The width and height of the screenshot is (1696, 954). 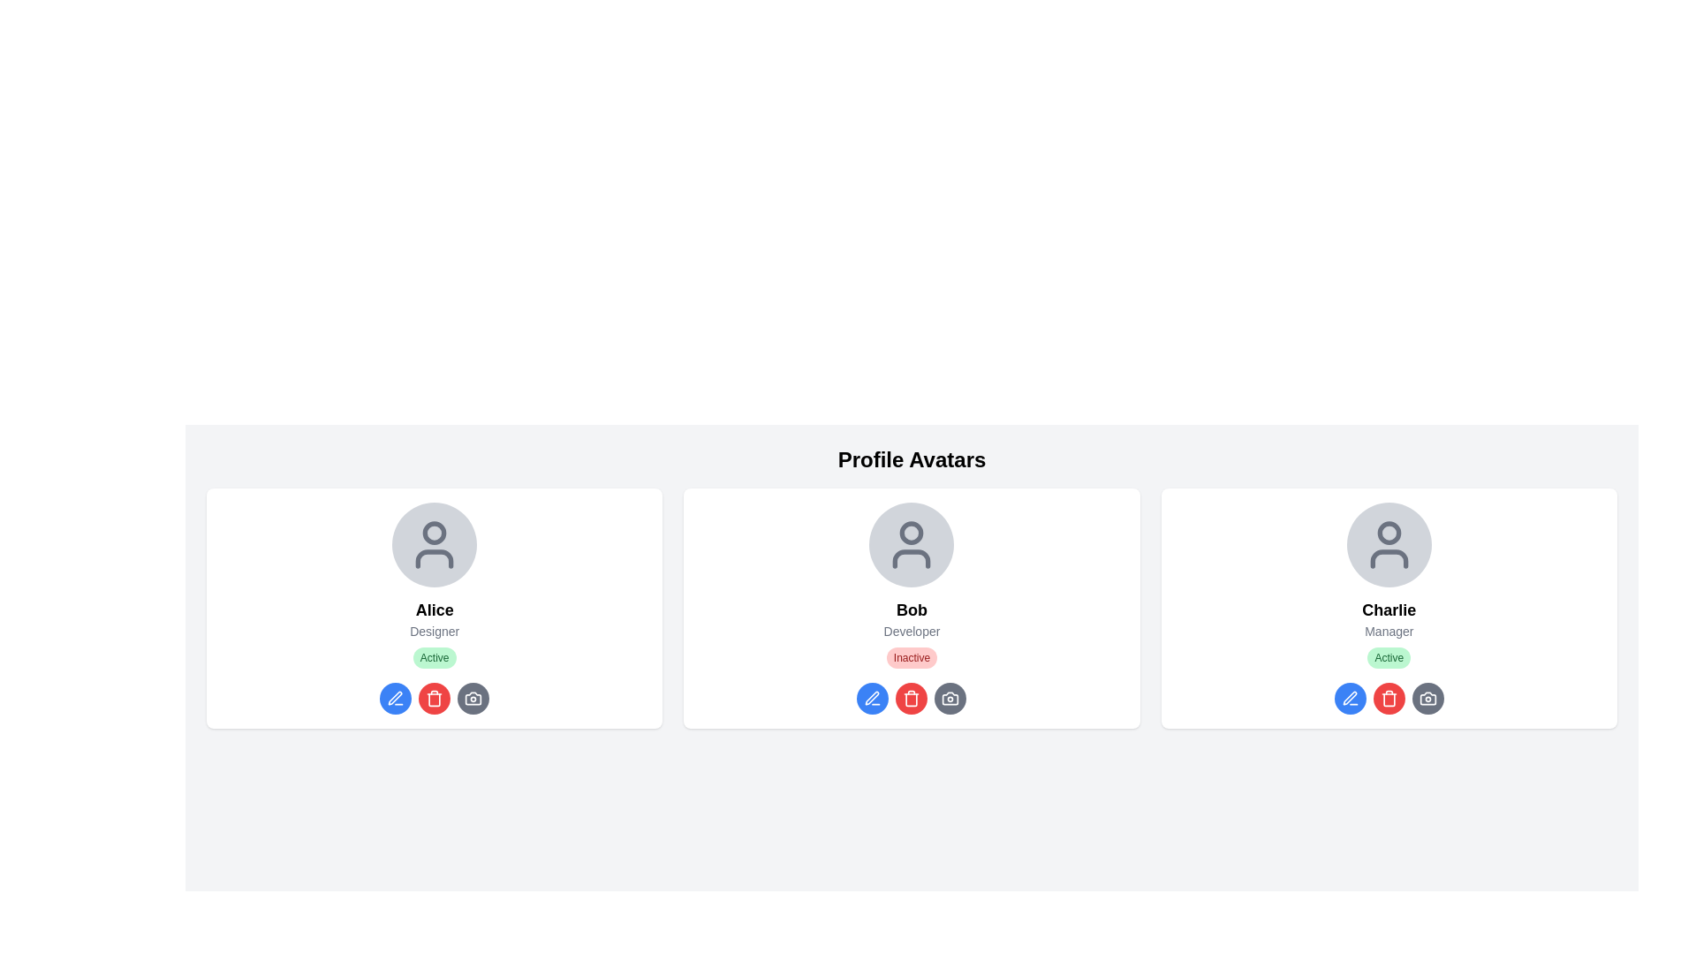 What do you see at coordinates (912, 558) in the screenshot?
I see `the semicircular graphical icon component within Bob's profile avatar, which is positioned below the head shape and above the 'Bob' text` at bounding box center [912, 558].